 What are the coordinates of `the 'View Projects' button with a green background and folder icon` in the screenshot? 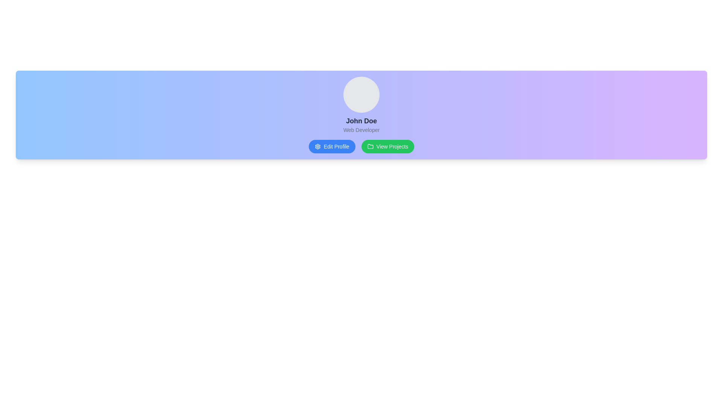 It's located at (361, 146).